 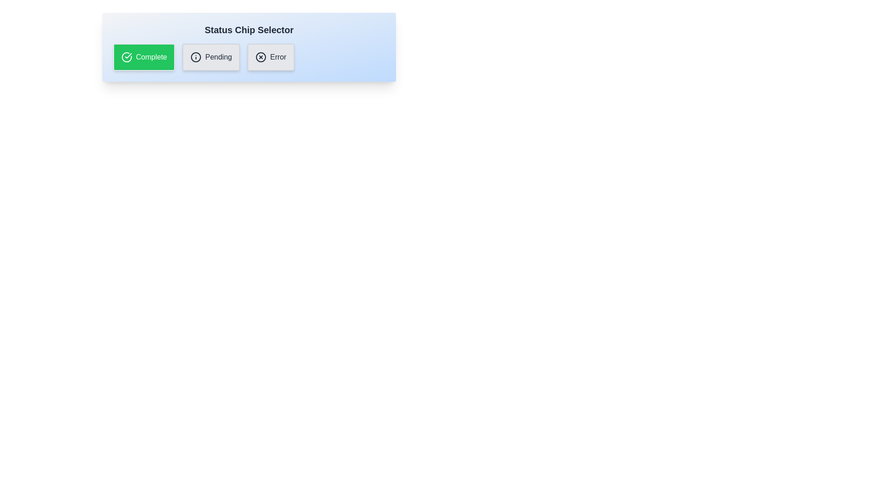 What do you see at coordinates (270, 57) in the screenshot?
I see `the status chip labeled Error` at bounding box center [270, 57].